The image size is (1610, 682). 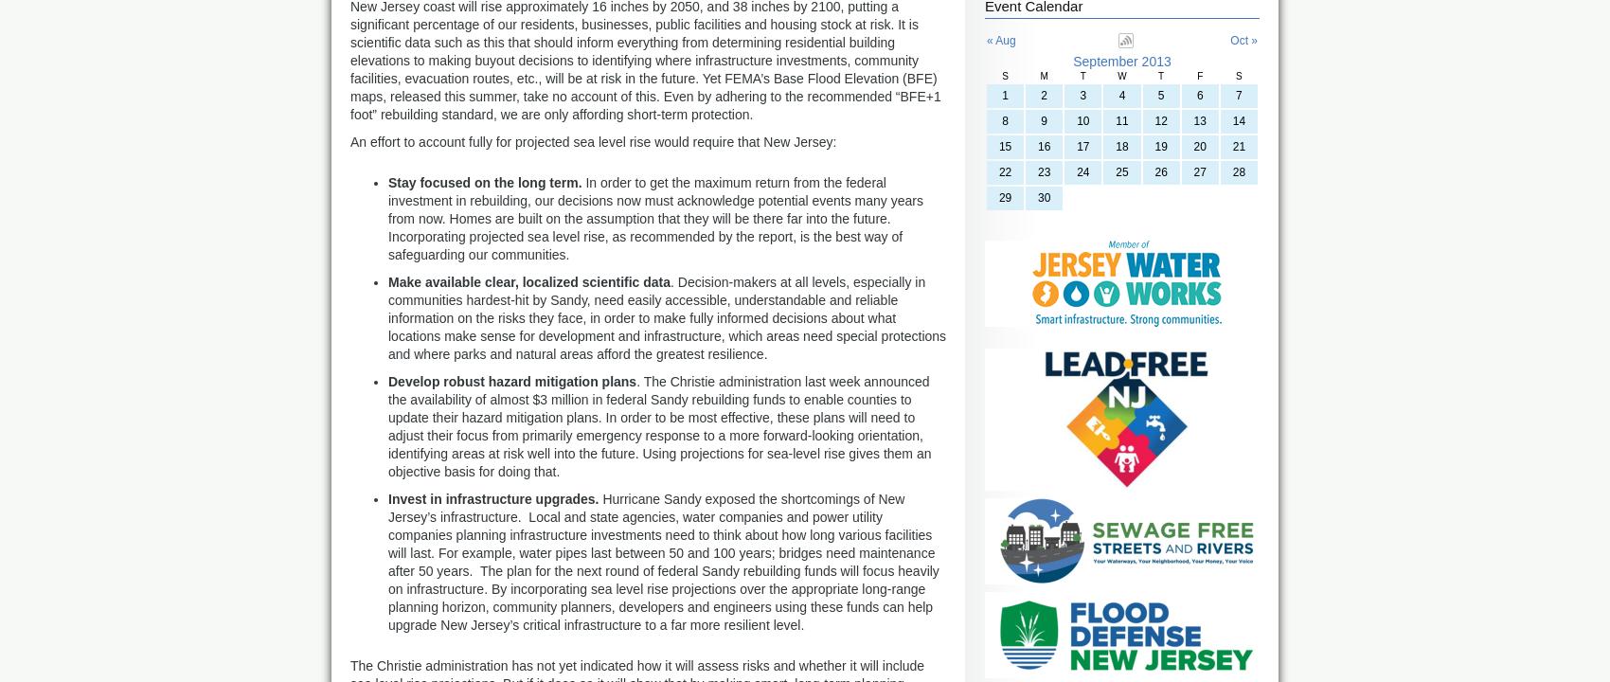 I want to click on '15', so click(x=1003, y=146).